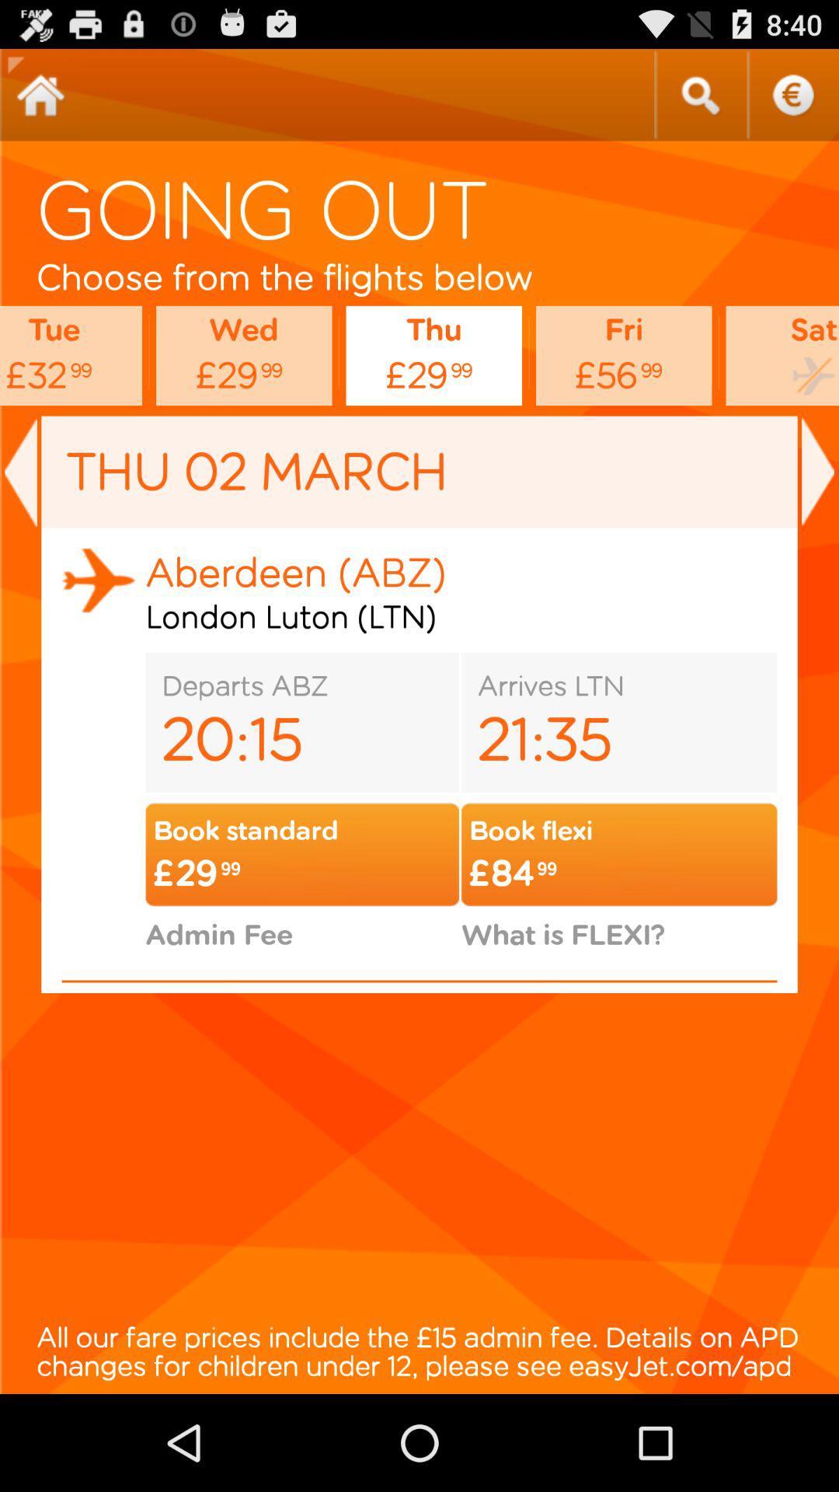  I want to click on return to start screen, so click(40, 94).